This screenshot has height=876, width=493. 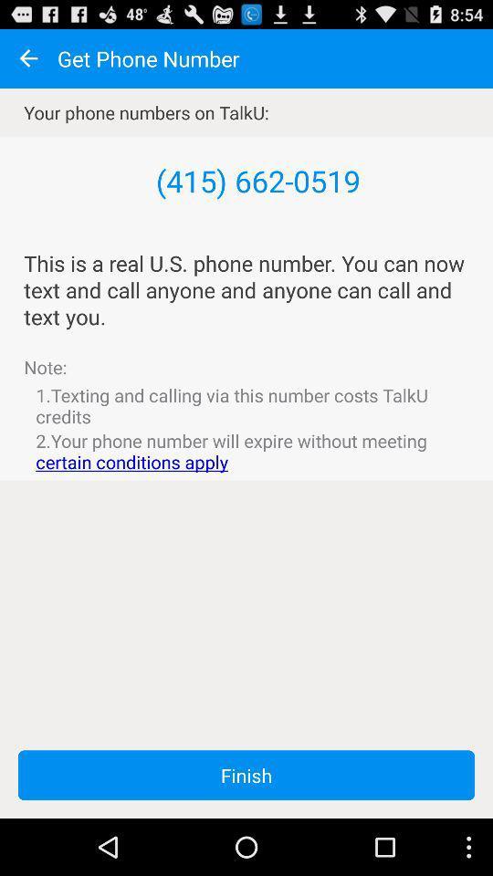 What do you see at coordinates (246, 450) in the screenshot?
I see `the 2 your phone icon` at bounding box center [246, 450].